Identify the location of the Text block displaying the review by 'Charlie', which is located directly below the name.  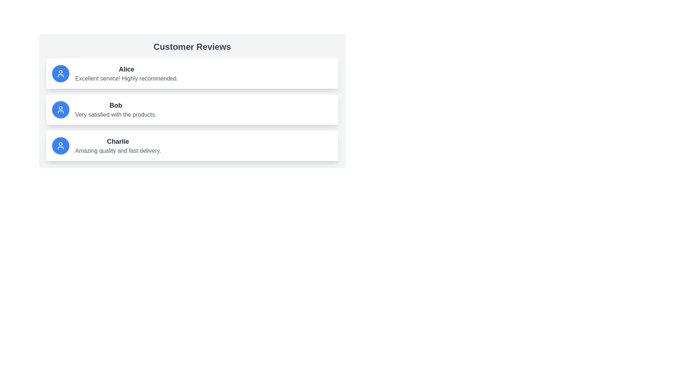
(118, 150).